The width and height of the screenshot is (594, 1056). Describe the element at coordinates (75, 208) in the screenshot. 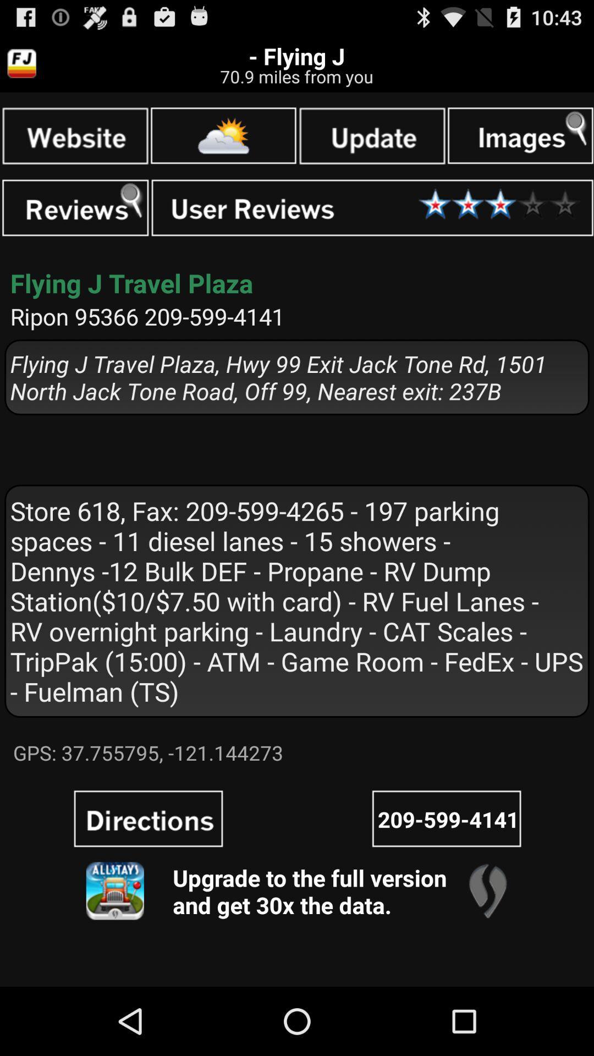

I see `reviews` at that location.